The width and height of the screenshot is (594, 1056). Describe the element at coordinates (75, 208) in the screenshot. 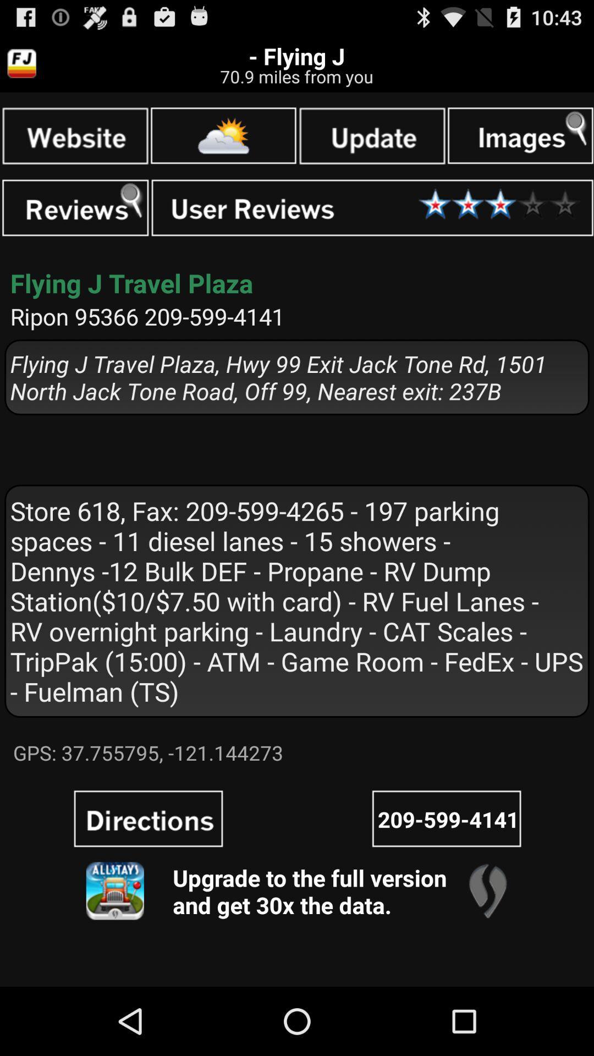

I see `reviews` at that location.